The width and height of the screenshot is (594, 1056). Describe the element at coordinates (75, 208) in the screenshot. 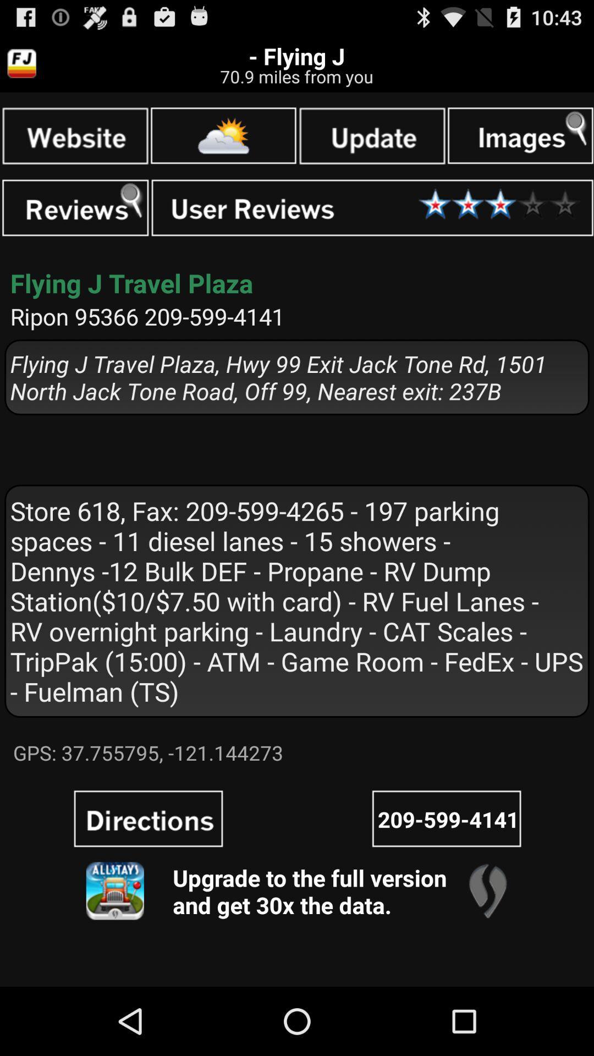

I see `reviews` at that location.